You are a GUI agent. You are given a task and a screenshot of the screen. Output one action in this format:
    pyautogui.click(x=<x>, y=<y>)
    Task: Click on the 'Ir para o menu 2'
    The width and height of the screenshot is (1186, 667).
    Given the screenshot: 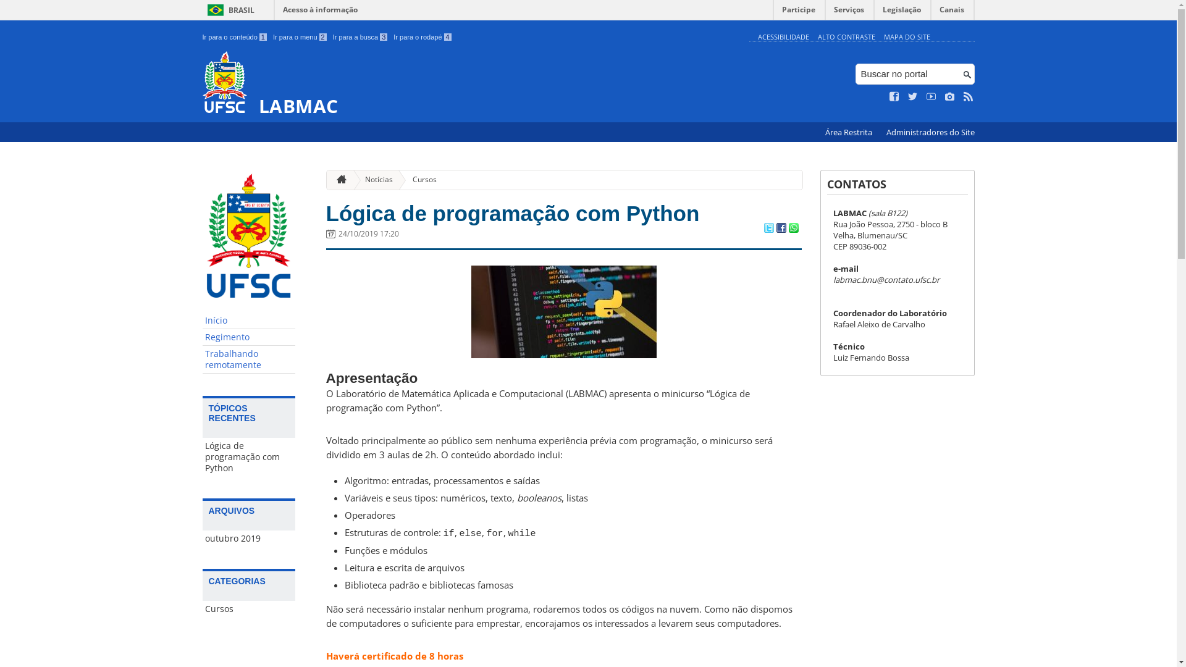 What is the action you would take?
    pyautogui.click(x=300, y=36)
    